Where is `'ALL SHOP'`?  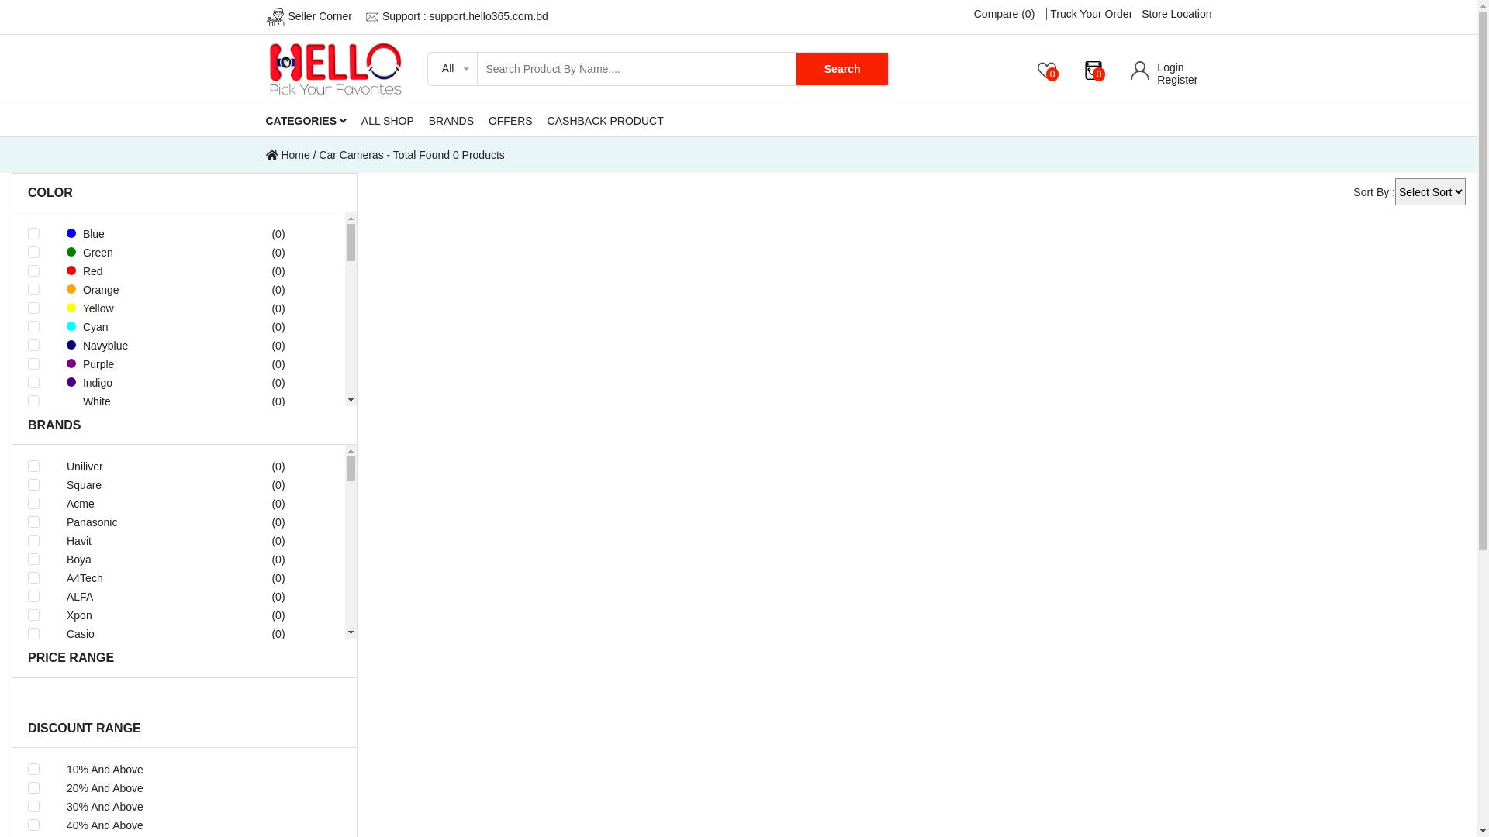 'ALL SHOP' is located at coordinates (393, 119).